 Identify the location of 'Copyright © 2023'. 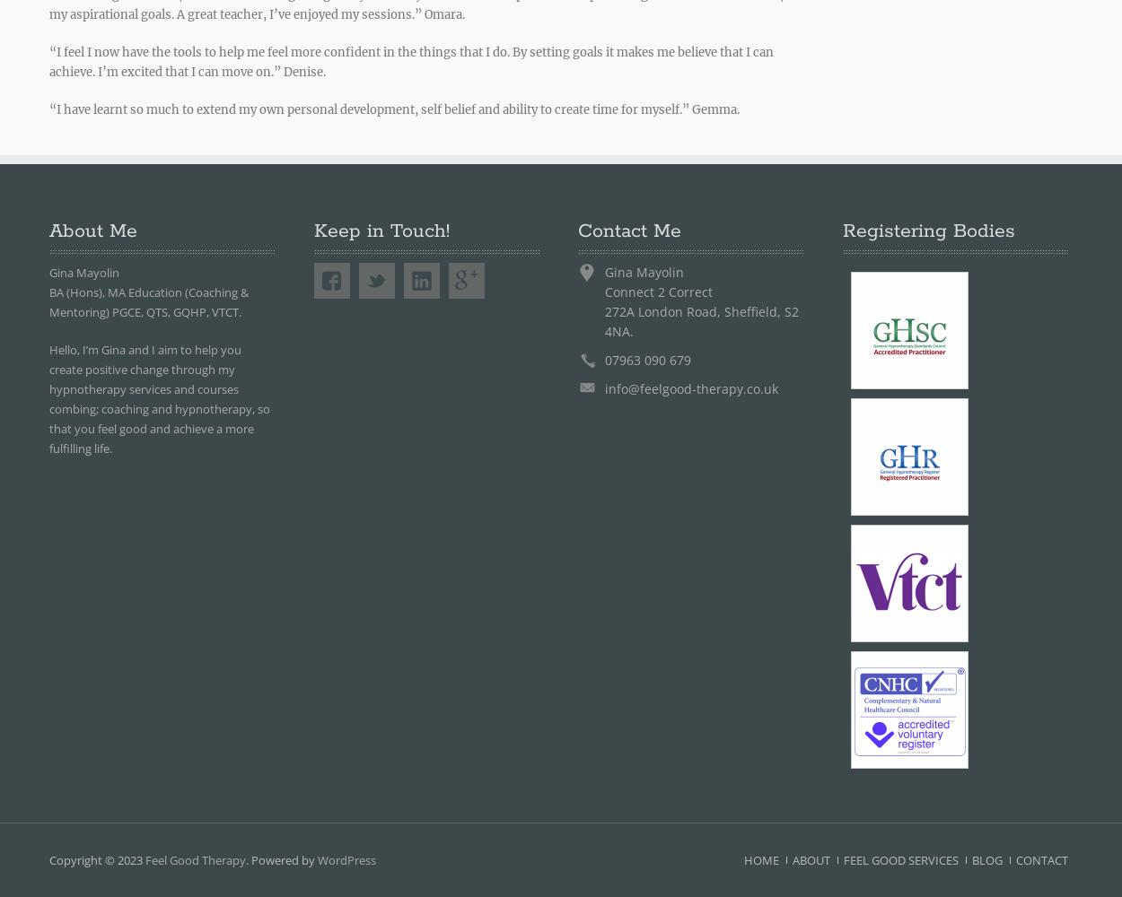
(96, 859).